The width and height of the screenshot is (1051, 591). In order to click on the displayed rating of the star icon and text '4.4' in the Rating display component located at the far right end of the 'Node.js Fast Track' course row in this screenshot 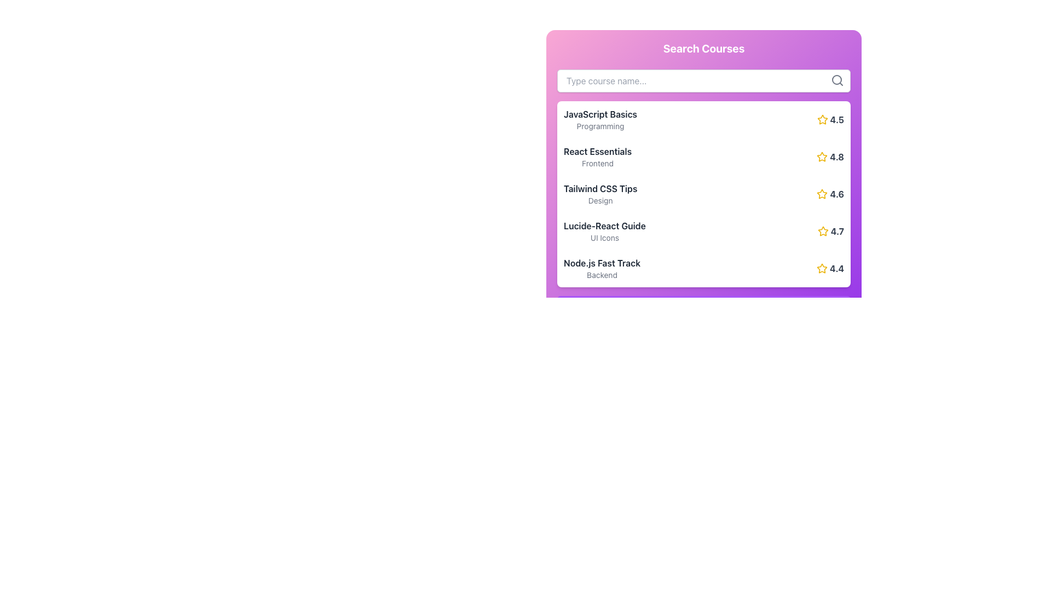, I will do `click(830, 268)`.